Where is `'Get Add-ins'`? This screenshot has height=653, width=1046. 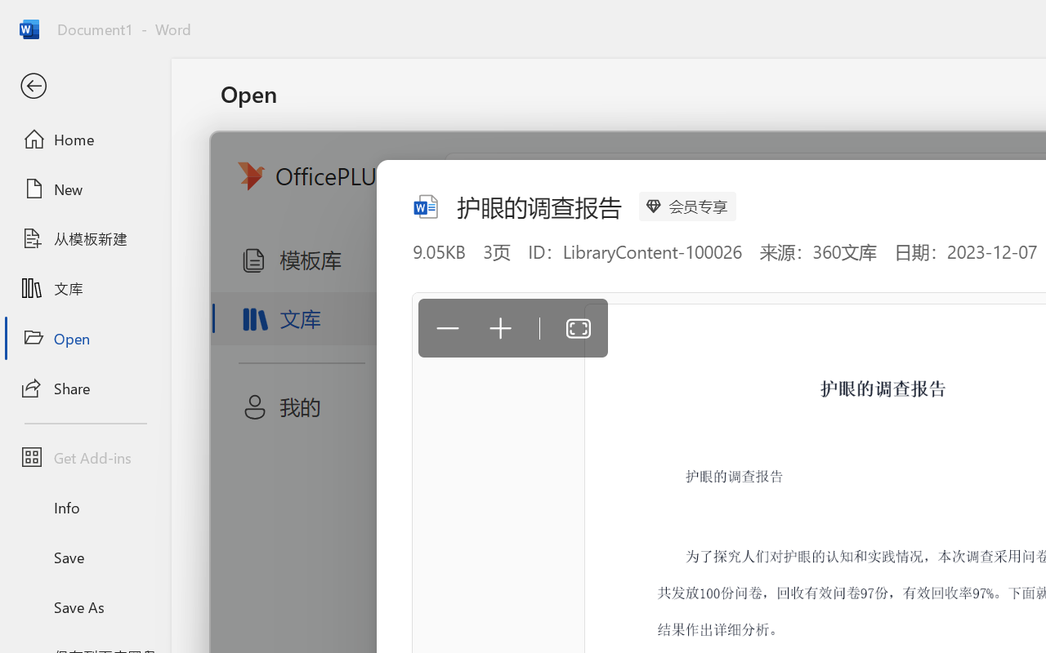
'Get Add-ins' is located at coordinates (84, 457).